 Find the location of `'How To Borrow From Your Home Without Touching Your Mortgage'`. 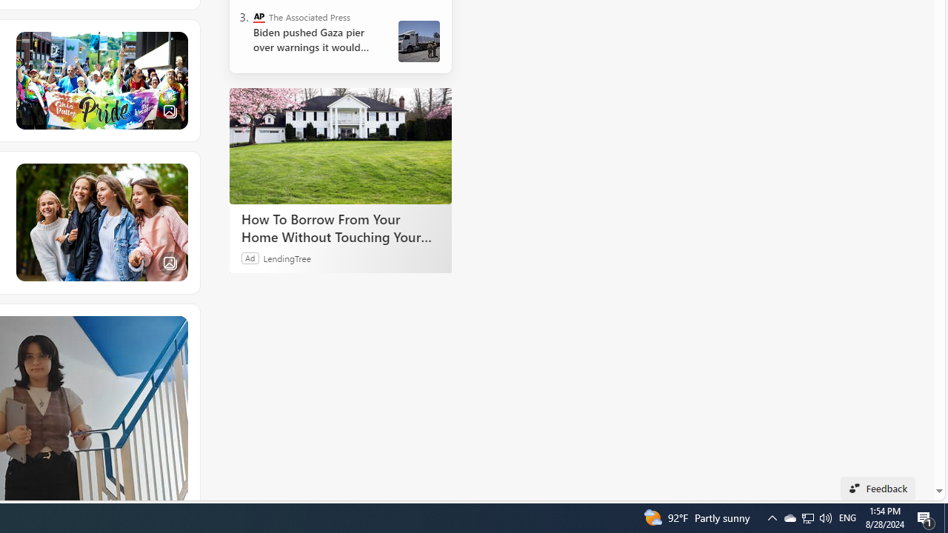

'How To Borrow From Your Home Without Touching Your Mortgage' is located at coordinates (340, 146).